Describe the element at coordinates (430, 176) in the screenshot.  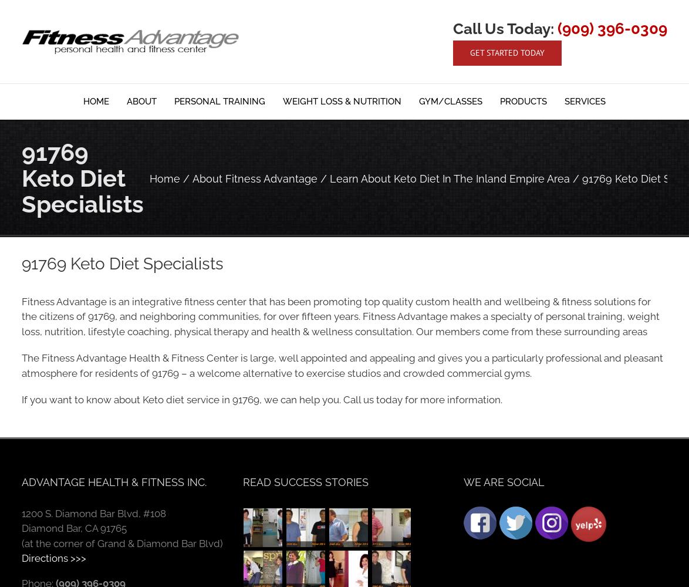
I see `'Pilates'` at that location.